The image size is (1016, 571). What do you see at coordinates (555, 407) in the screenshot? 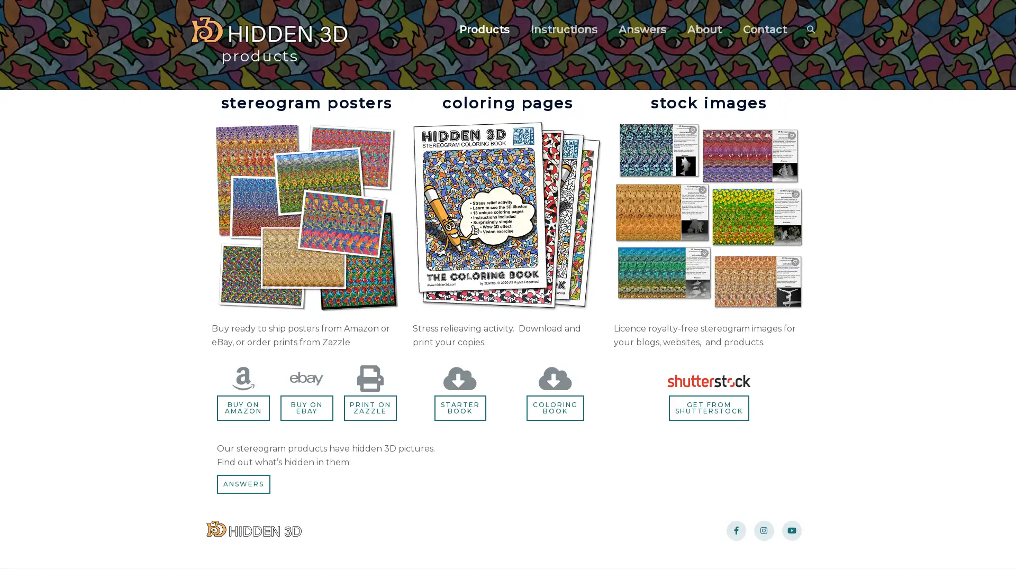
I see `COLORING BOOK` at bounding box center [555, 407].